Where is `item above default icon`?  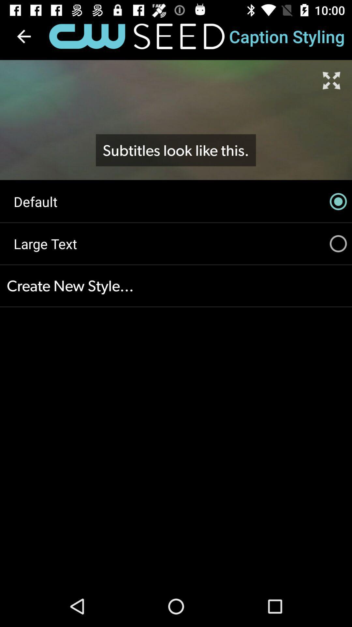
item above default icon is located at coordinates (331, 80).